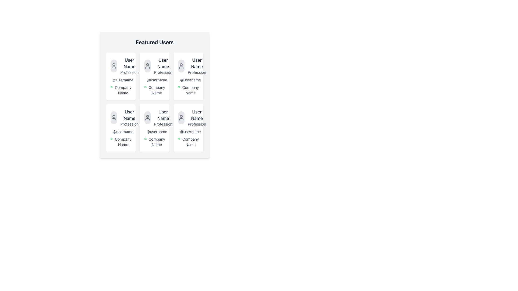 The width and height of the screenshot is (518, 291). What do you see at coordinates (190, 80) in the screenshot?
I see `the text label displaying '@username' which is located in the third card under the 'Featured Users' header, positioned below the 'User Name' label and above the 'Company Name' label` at bounding box center [190, 80].